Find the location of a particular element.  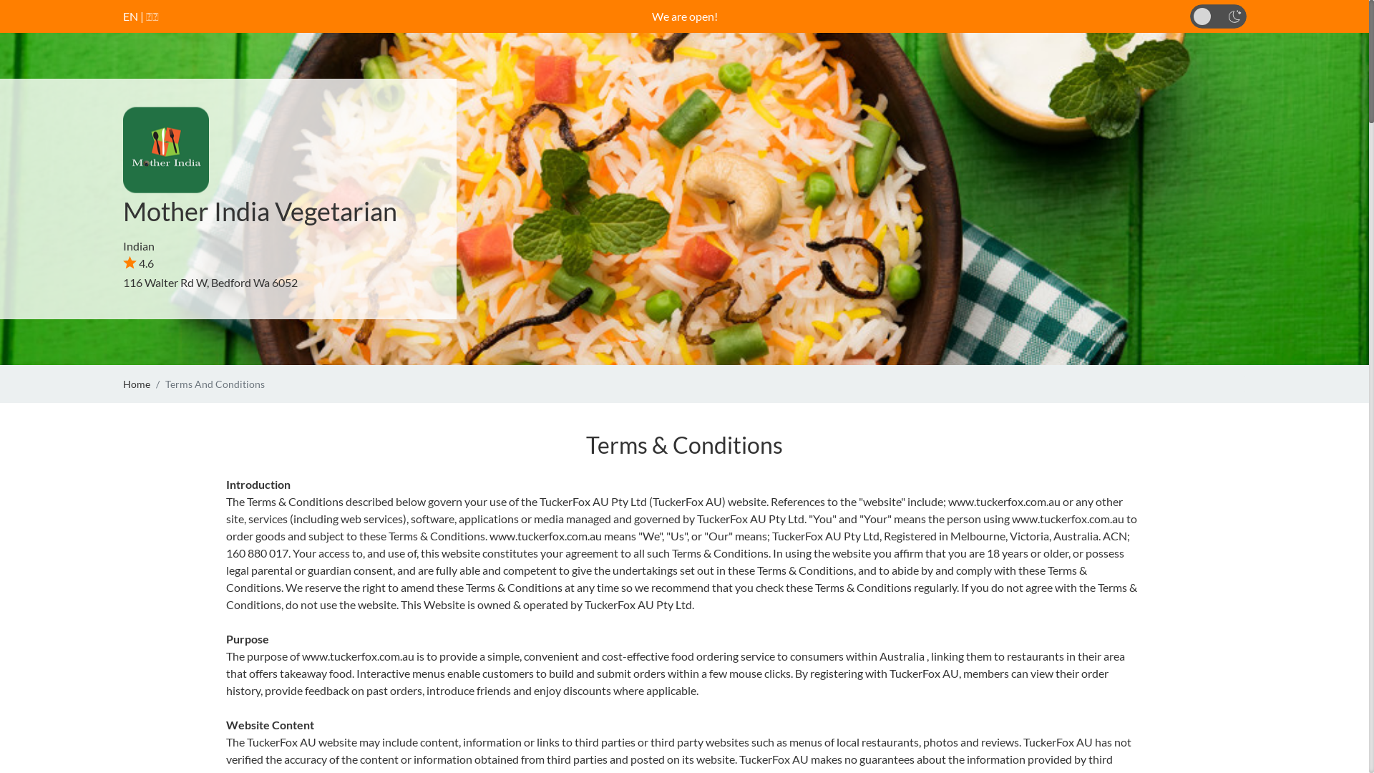

'4.6' is located at coordinates (138, 263).